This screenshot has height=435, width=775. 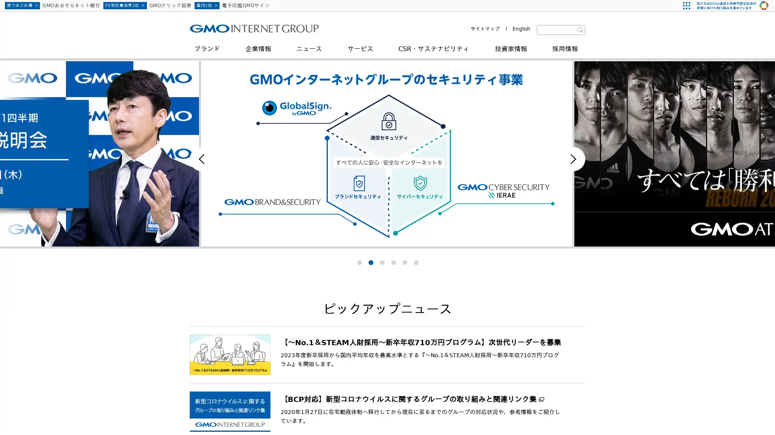 I want to click on 6, so click(x=416, y=262).